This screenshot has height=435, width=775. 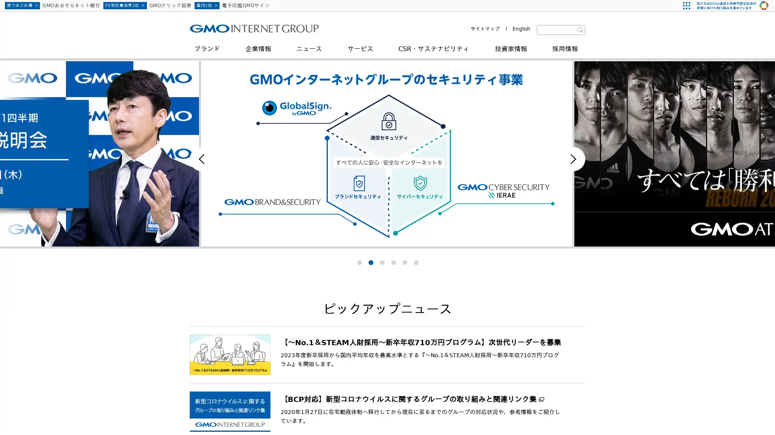 I want to click on 6, so click(x=416, y=262).